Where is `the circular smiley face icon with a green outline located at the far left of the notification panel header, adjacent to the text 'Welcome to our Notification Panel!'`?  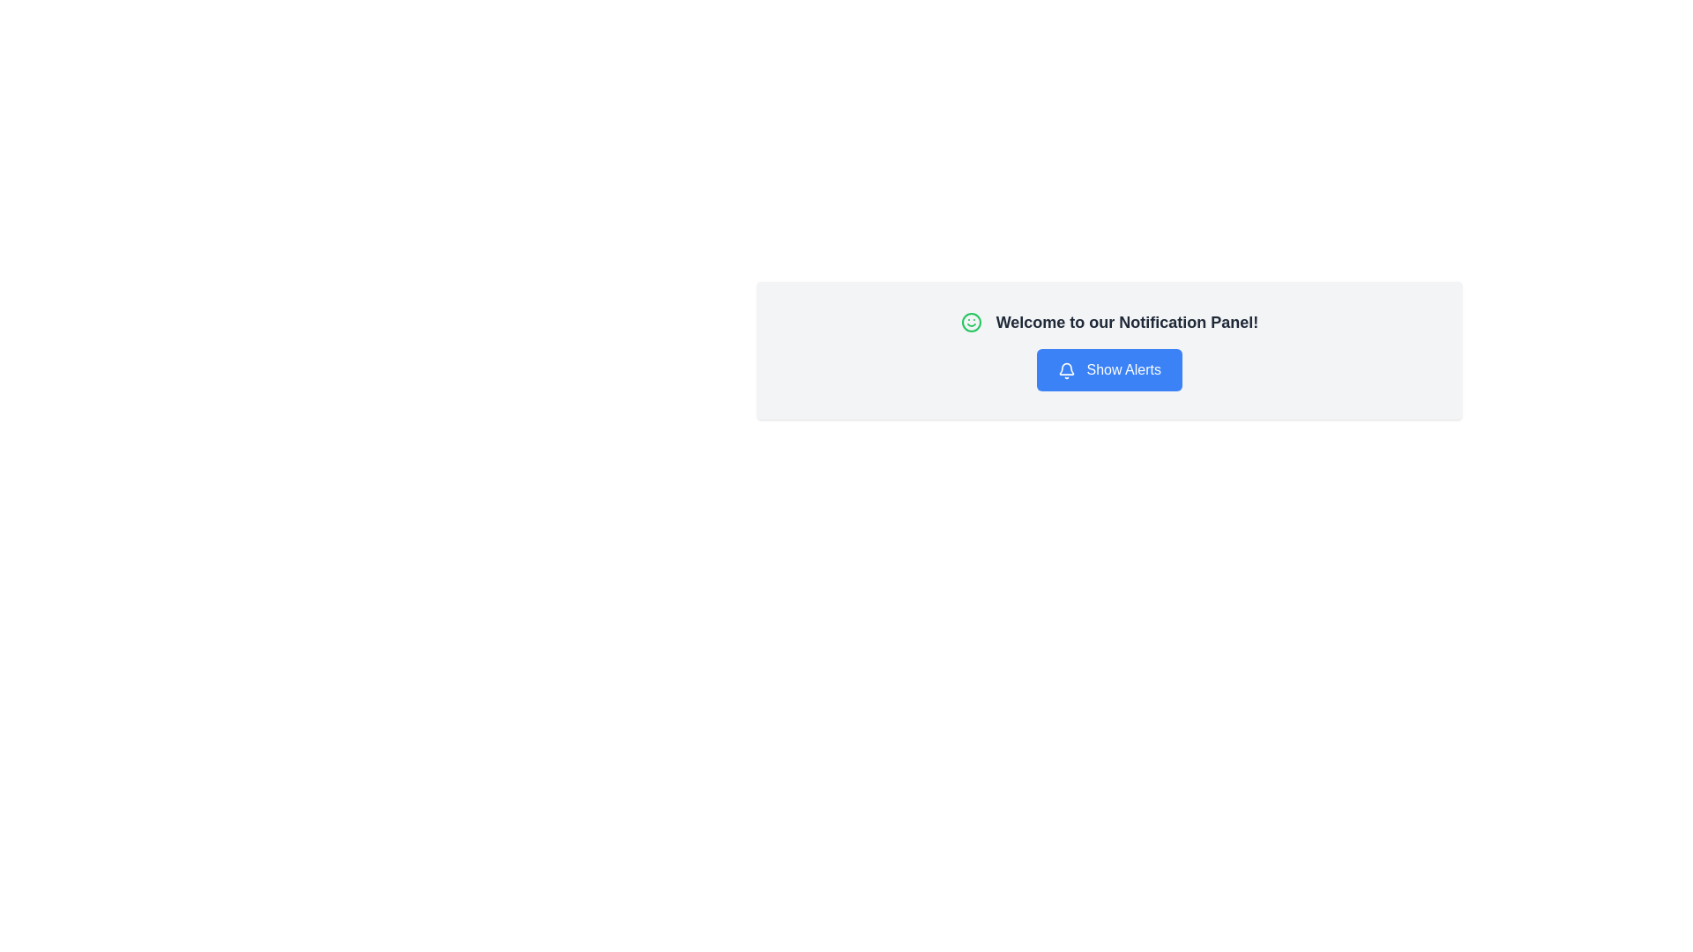
the circular smiley face icon with a green outline located at the far left of the notification panel header, adjacent to the text 'Welcome to our Notification Panel!' is located at coordinates (970, 323).